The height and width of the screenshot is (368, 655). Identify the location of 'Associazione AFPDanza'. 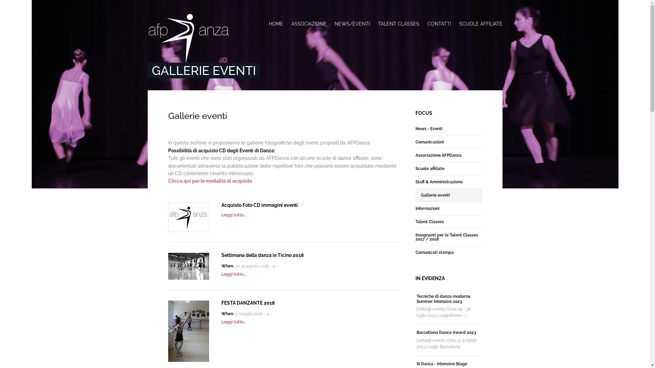
(415, 155).